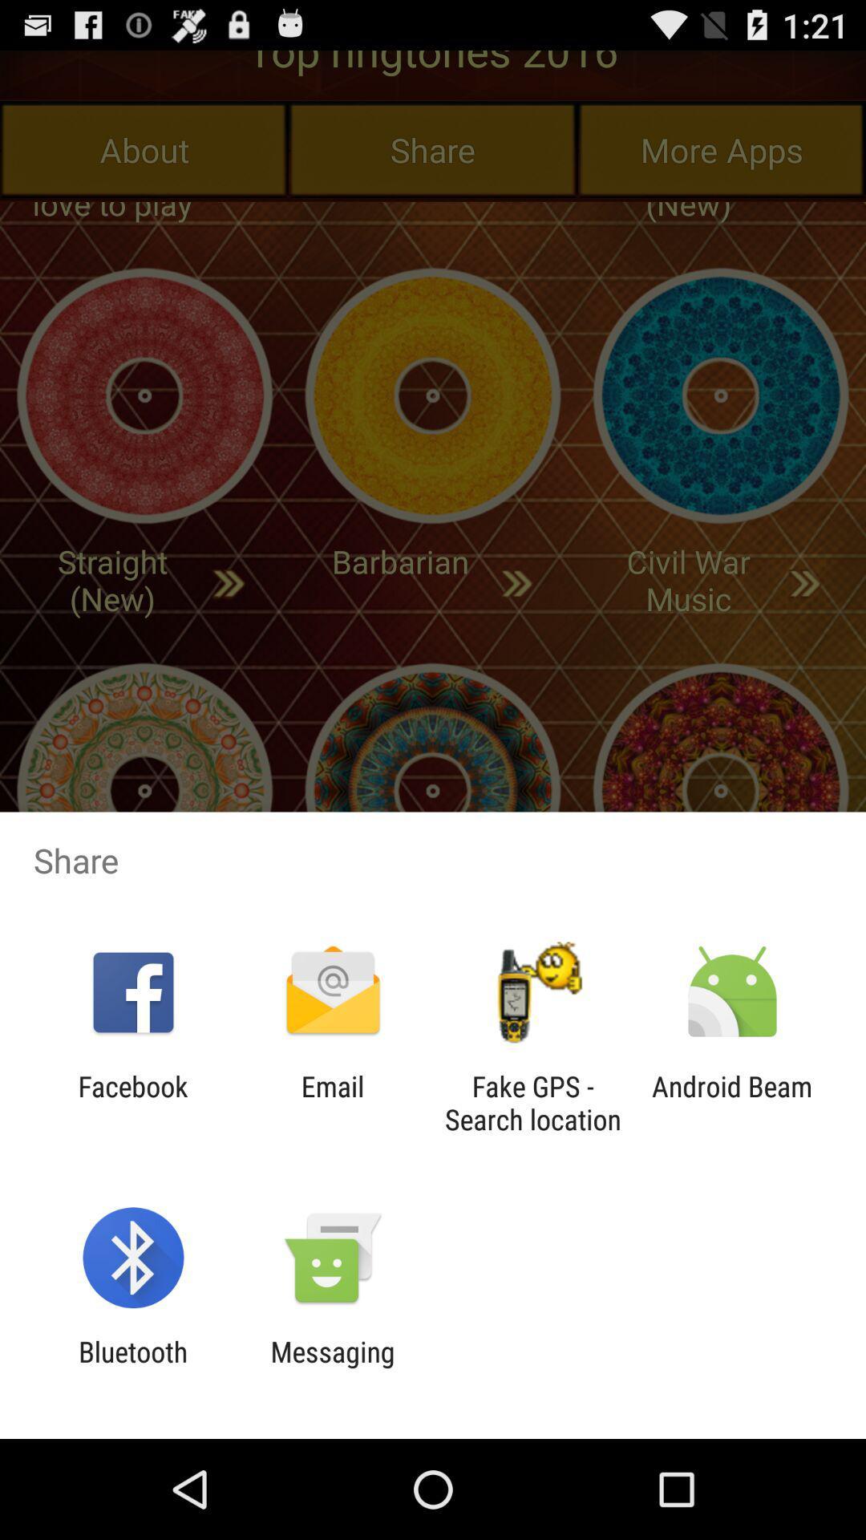 The image size is (866, 1540). Describe the element at coordinates (132, 1368) in the screenshot. I see `bluetooth app` at that location.